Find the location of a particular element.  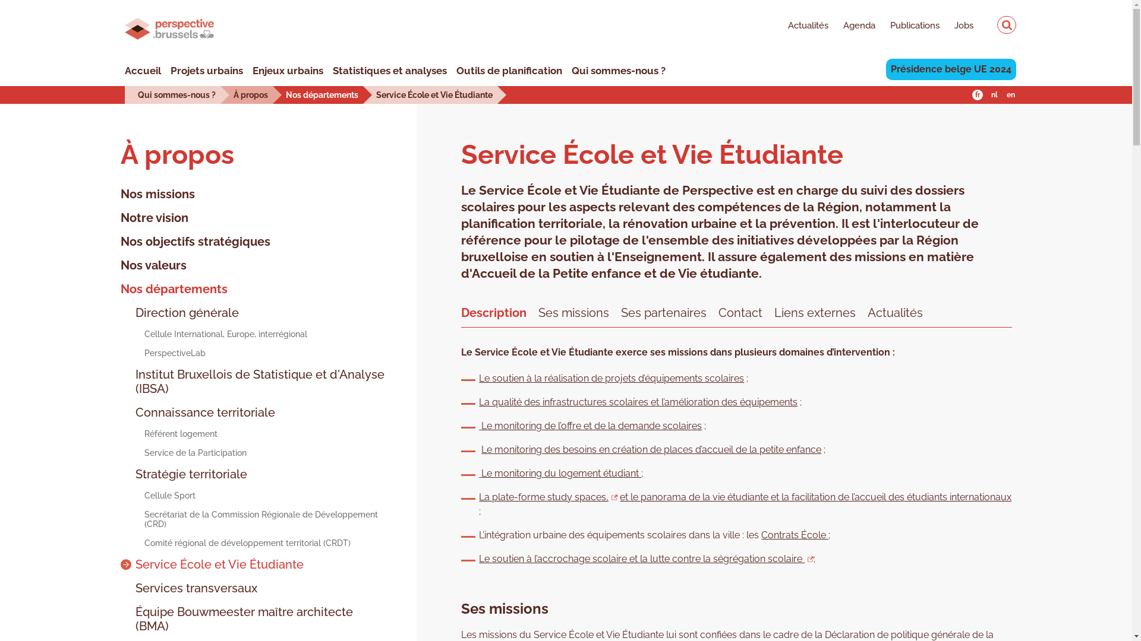

'Notre vision' is located at coordinates (119, 217).